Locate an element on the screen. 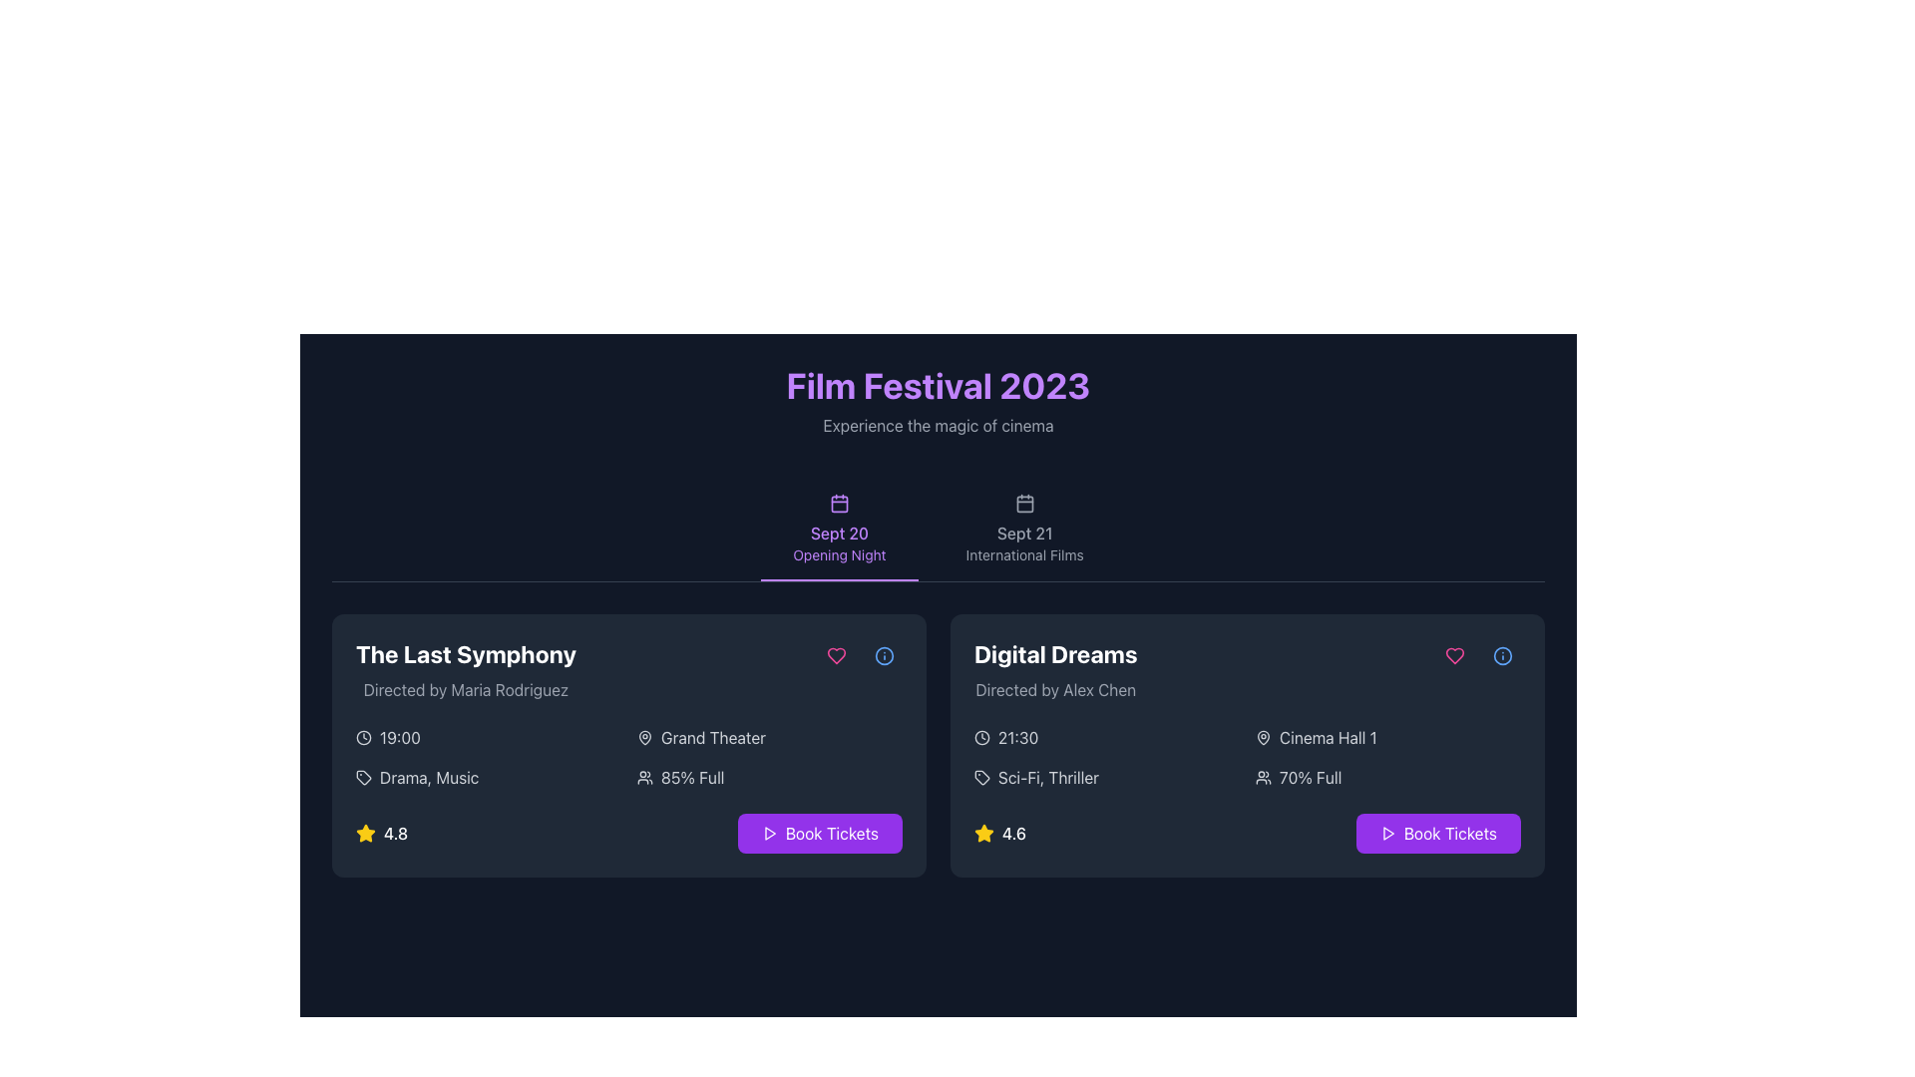 Image resolution: width=1915 pixels, height=1077 pixels. numerical rating text displayed in the lower left corner of the card labeled 'The Last Symphony', which follows a yellow star icon in a horizontal sequence is located at coordinates (396, 834).